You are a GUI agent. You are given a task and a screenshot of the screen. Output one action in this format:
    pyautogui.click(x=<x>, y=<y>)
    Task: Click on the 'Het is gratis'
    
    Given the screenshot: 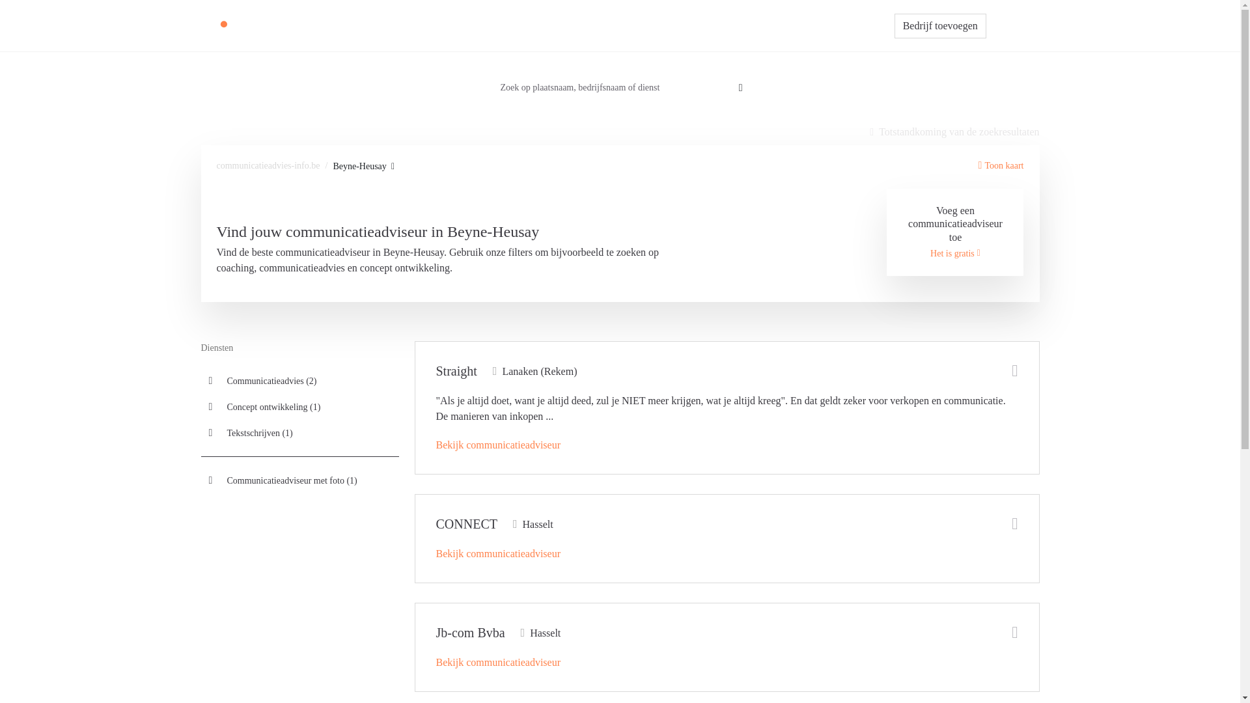 What is the action you would take?
    pyautogui.click(x=955, y=253)
    